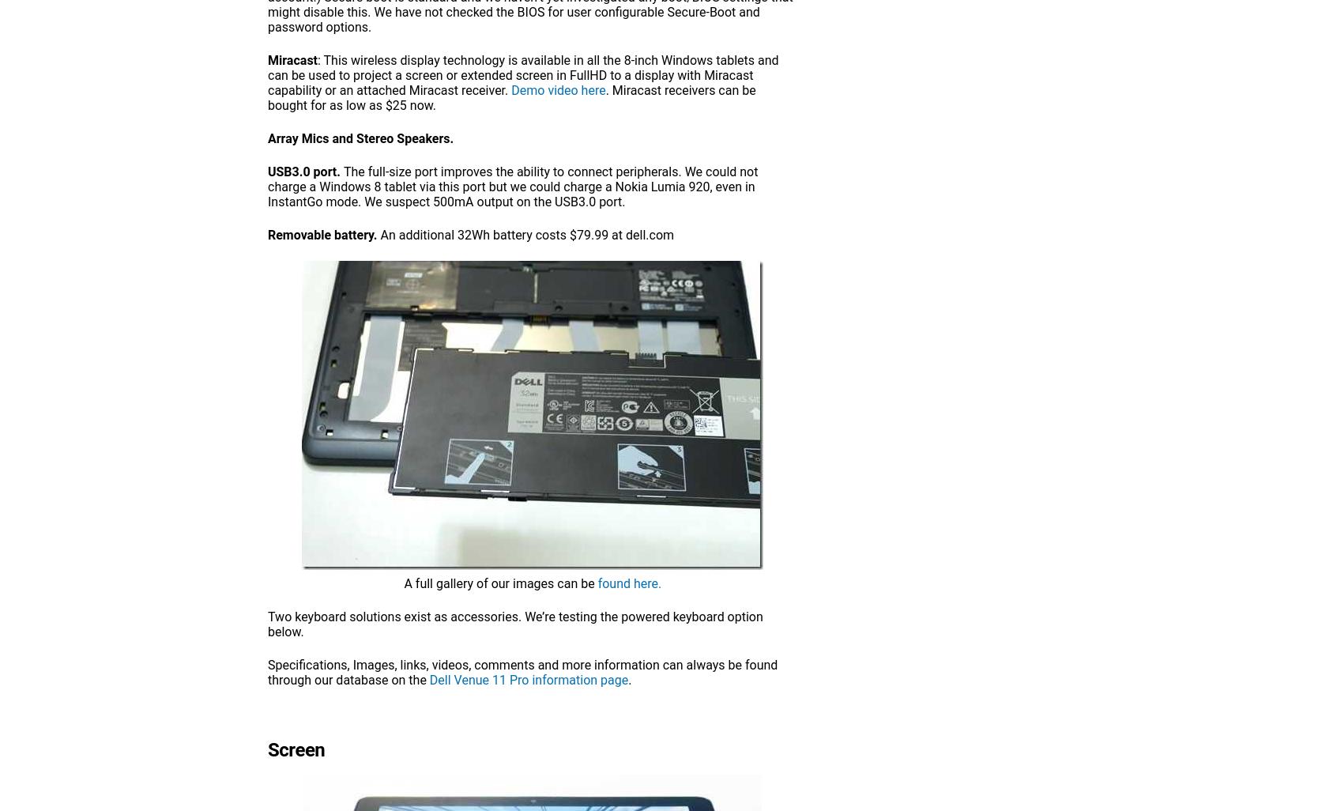  I want to click on 'Two keyboard solutions exist as accessories. We’re testing the powered keyboard option below.', so click(267, 624).